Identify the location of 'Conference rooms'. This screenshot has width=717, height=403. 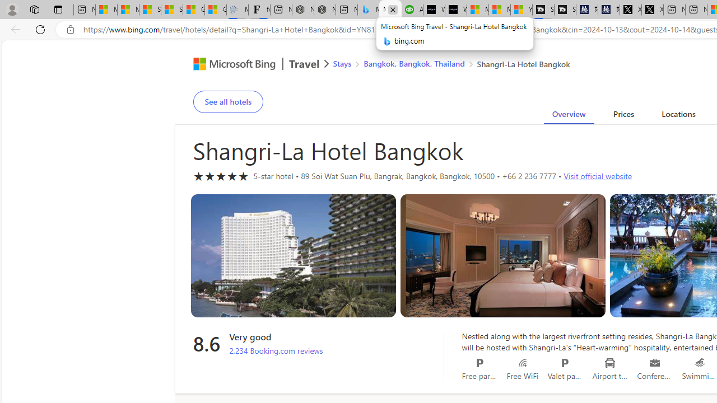
(655, 363).